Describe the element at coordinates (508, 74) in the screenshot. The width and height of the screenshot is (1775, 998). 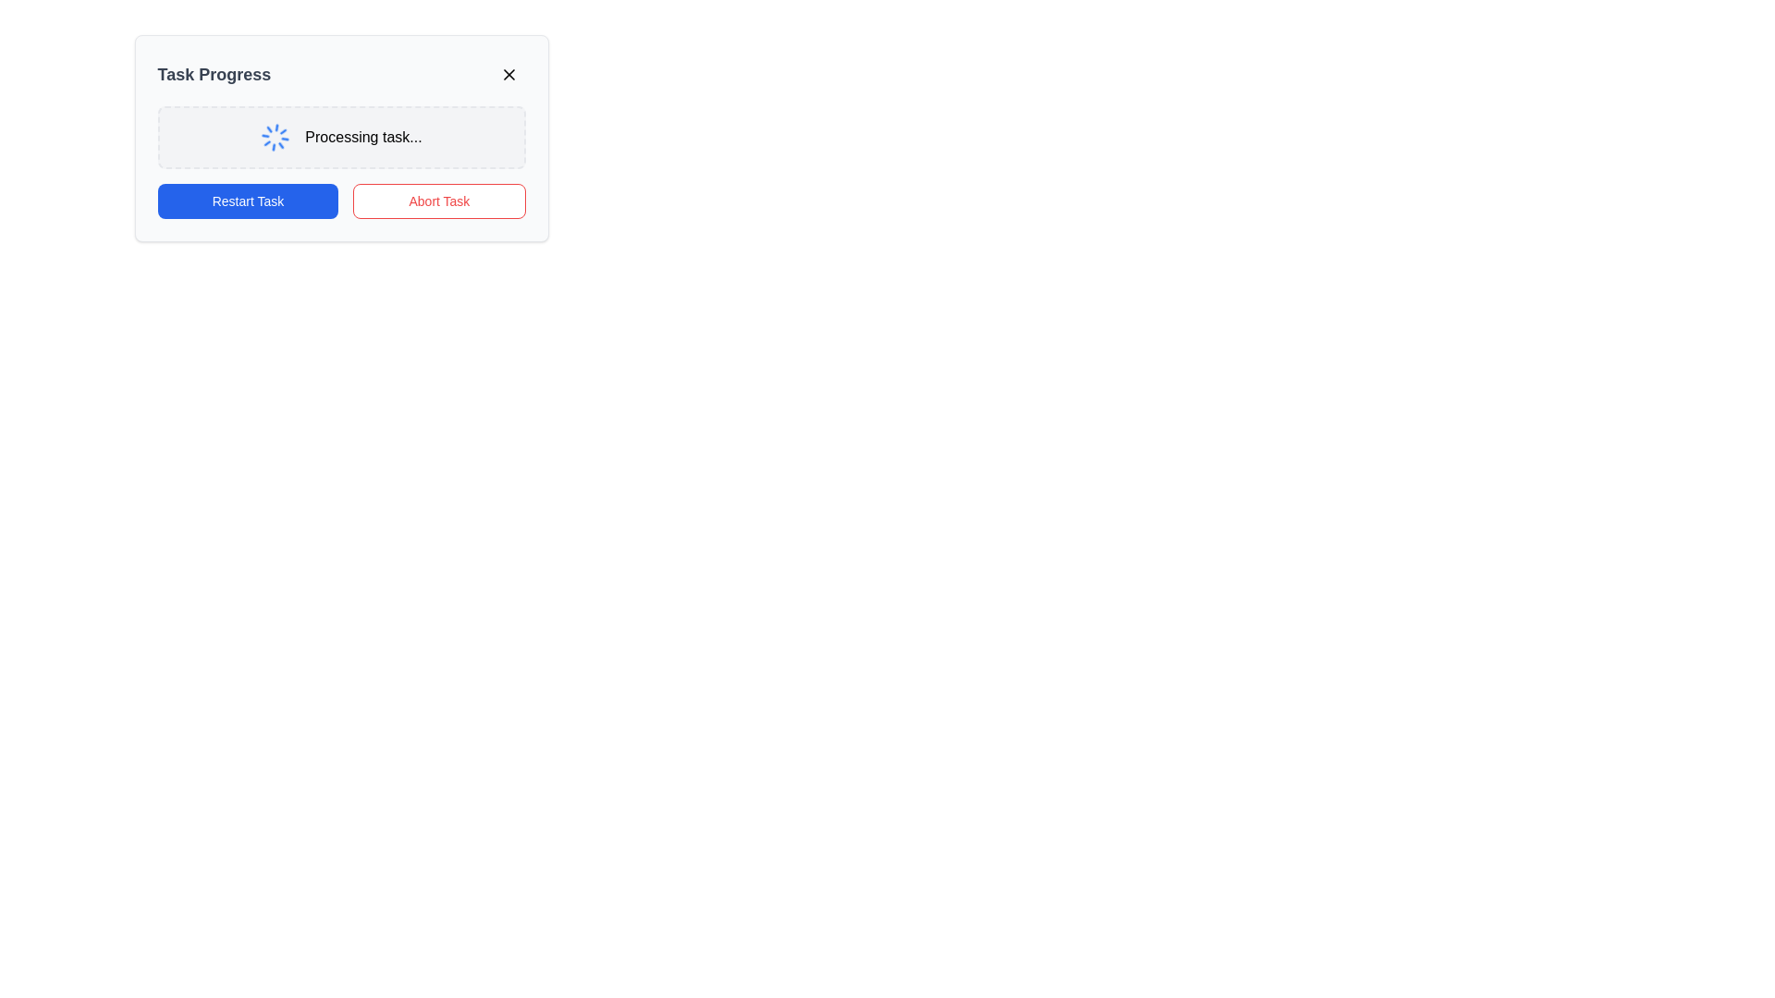
I see `the 'X' icon button located at the top-right corner of the 'Task Progress' panel to trigger hover effects` at that location.